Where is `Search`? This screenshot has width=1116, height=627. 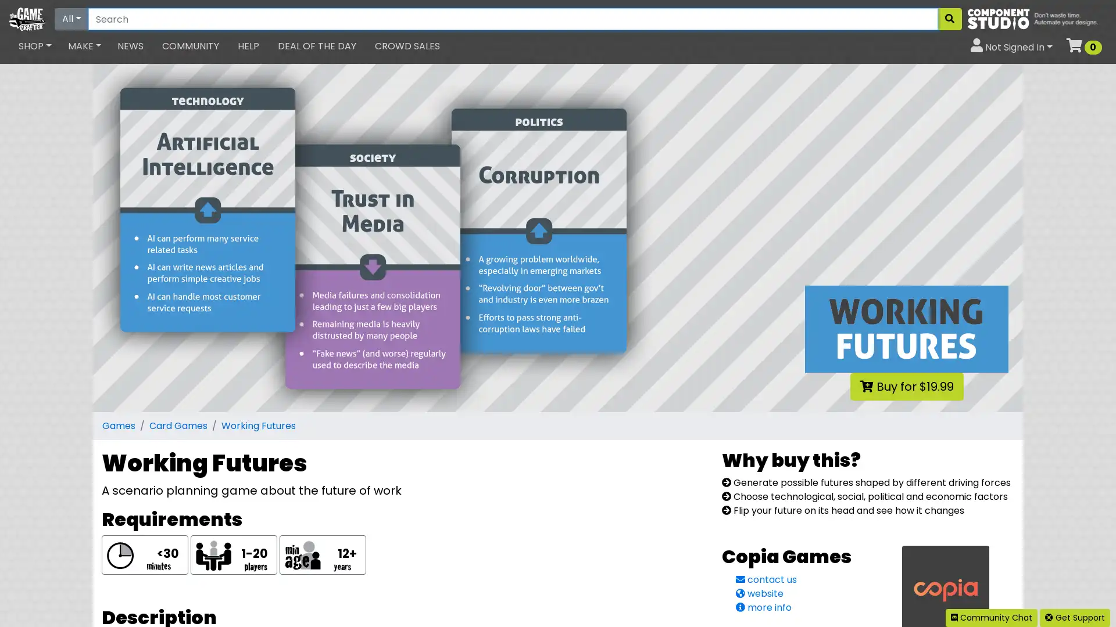 Search is located at coordinates (949, 19).